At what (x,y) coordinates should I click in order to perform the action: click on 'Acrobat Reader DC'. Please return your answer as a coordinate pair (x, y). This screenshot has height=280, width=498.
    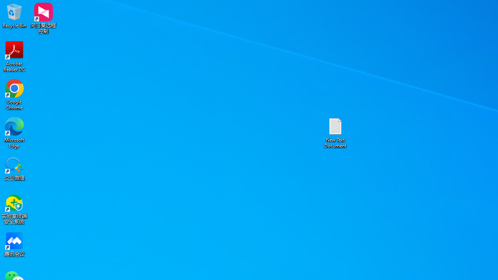
    Looking at the image, I should click on (14, 56).